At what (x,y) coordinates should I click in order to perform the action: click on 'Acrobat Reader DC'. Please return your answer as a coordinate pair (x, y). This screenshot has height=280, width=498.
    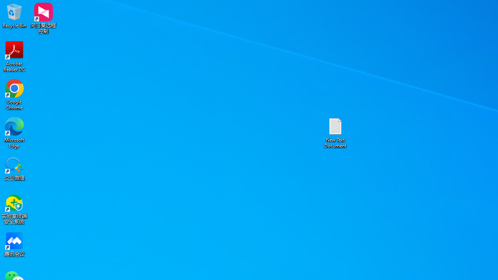
    Looking at the image, I should click on (14, 56).